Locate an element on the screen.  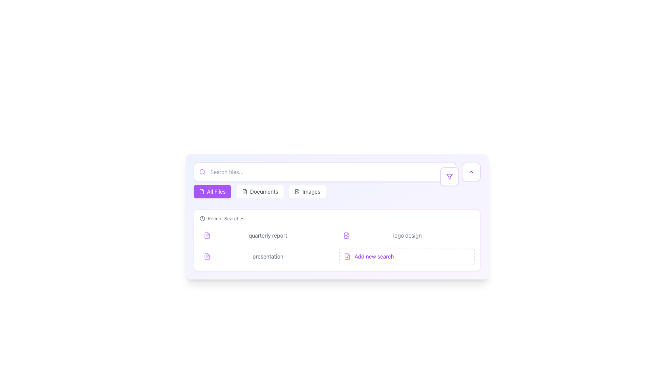
the filter options icon button located on the right side of the horizontal search bar is located at coordinates (449, 176).